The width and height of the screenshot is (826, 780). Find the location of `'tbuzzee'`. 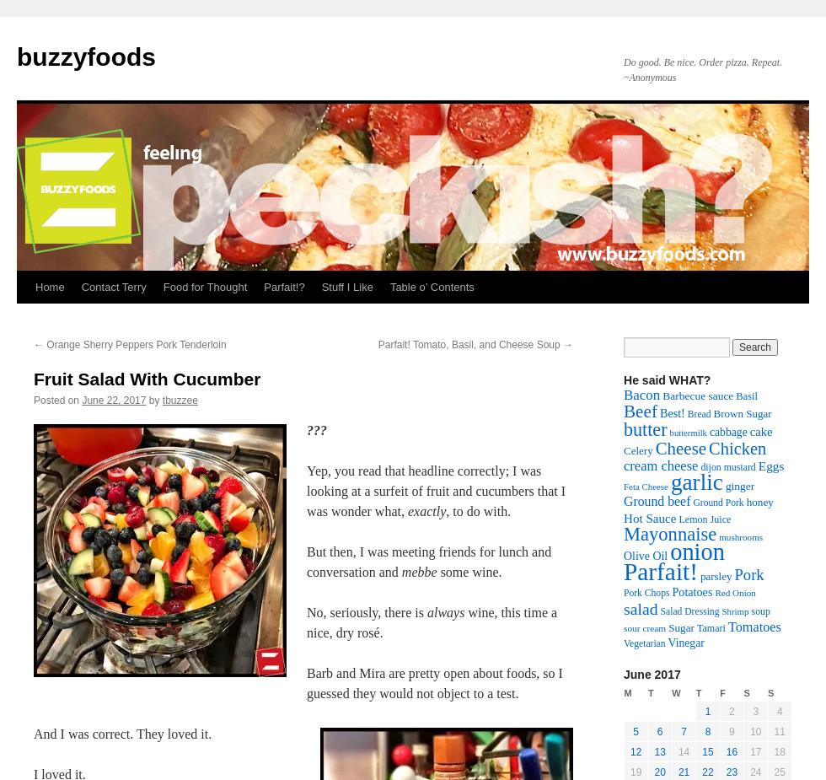

'tbuzzee' is located at coordinates (179, 400).